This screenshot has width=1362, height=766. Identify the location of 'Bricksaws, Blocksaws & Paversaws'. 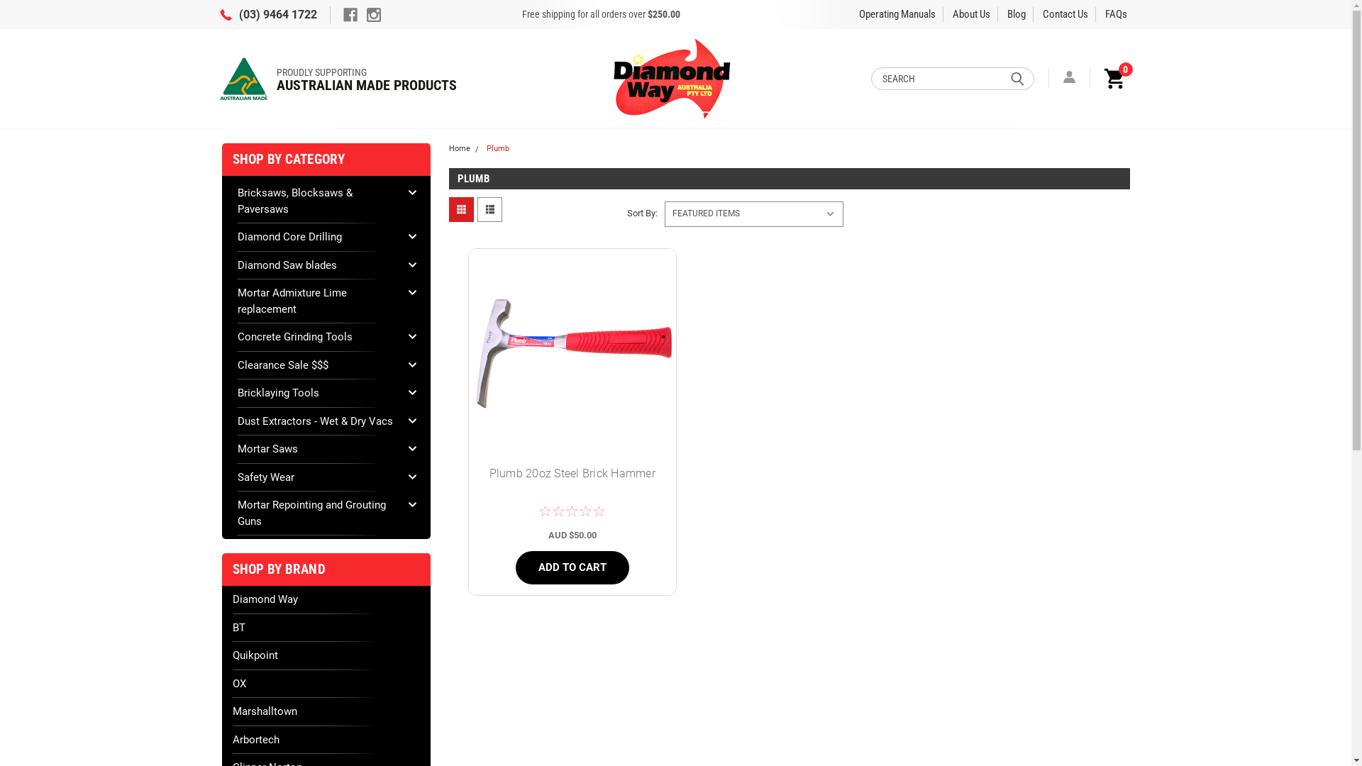
(316, 201).